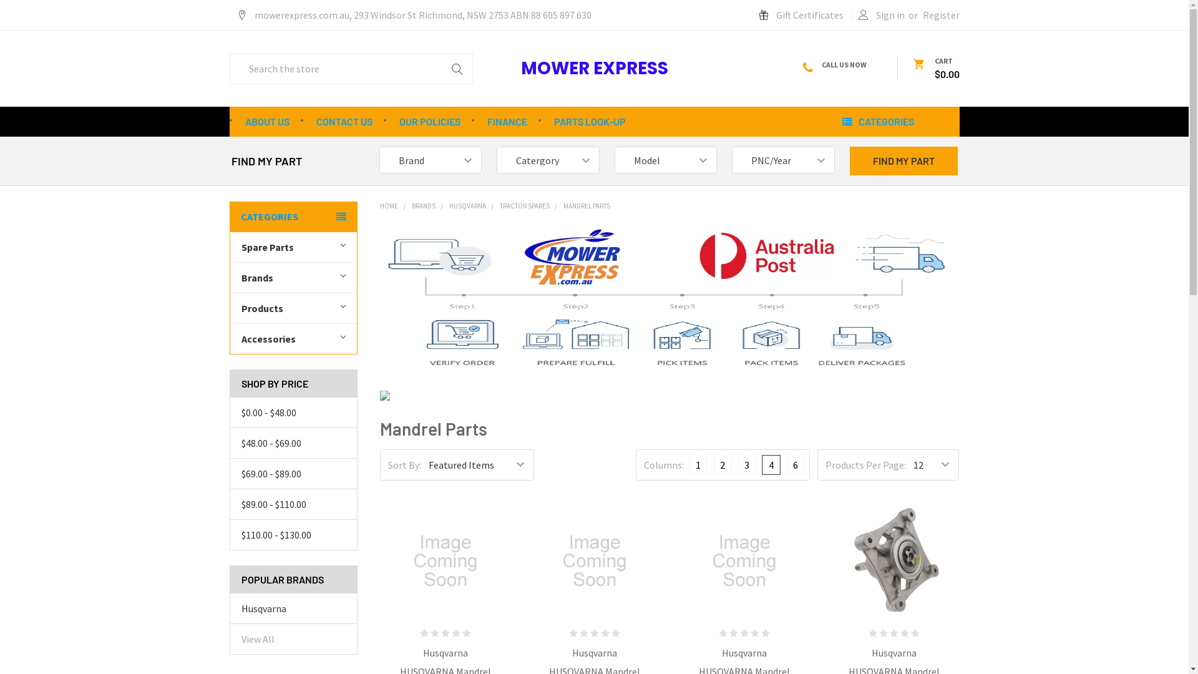 The image size is (1198, 674). What do you see at coordinates (506, 122) in the screenshot?
I see `'FINANCE'` at bounding box center [506, 122].